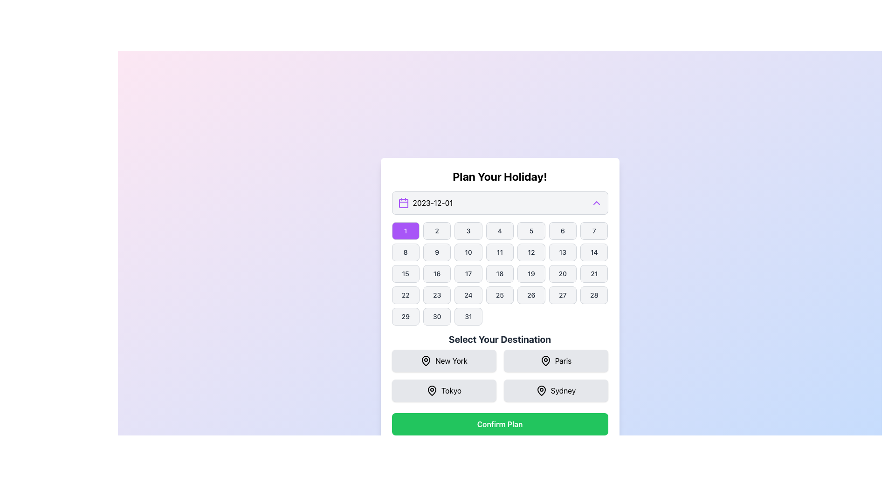 This screenshot has height=503, width=895. Describe the element at coordinates (531, 252) in the screenshot. I see `the button displaying the number '12' in the calendar grid, which is a rounded rectangle with a light gray background and a thin gray border` at that location.